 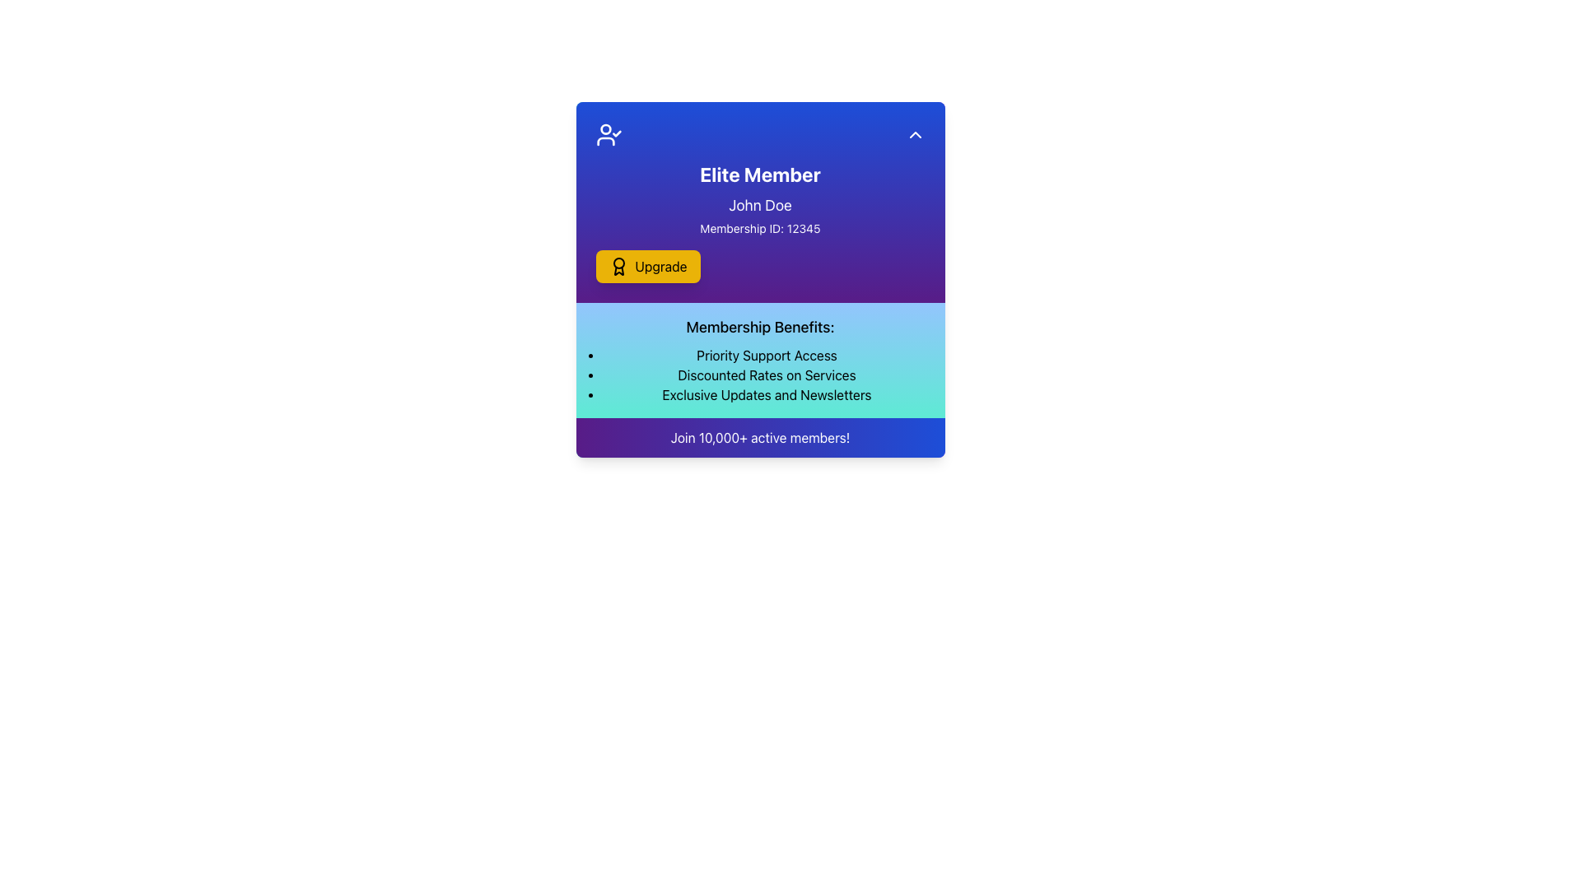 I want to click on the 'Membership Benefits:' text label, which is styled in a larger font size and bold weight, located on a gradient background transitioning from blue to teal, positioned near the bottom part of a card-like UI component, so click(x=759, y=327).